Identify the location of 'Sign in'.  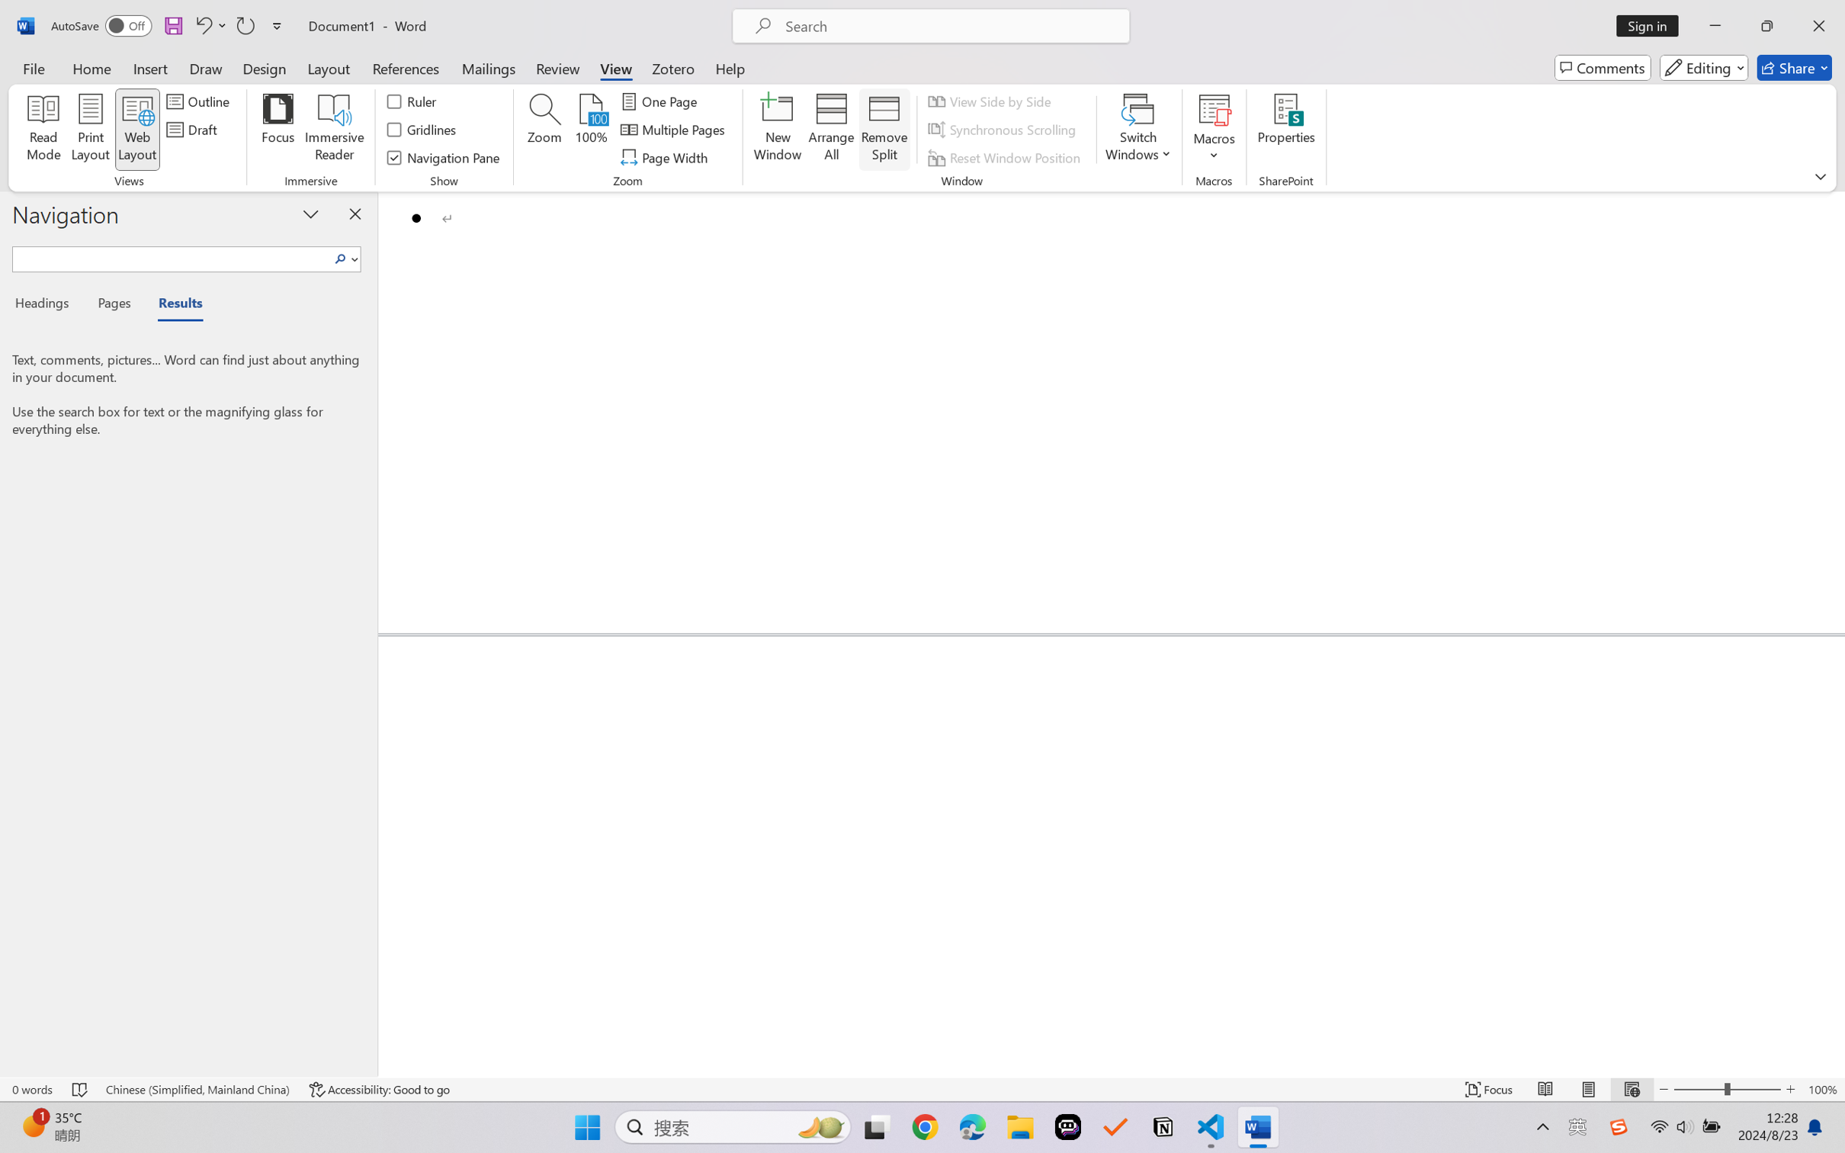
(1653, 25).